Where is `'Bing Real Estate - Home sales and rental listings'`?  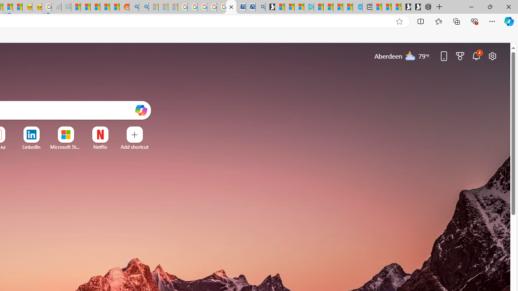 'Bing Real Estate - Home sales and rental listings' is located at coordinates (260, 7).